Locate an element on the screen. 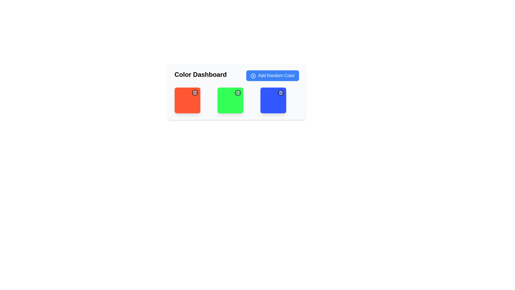 This screenshot has width=515, height=290. the delete icon button located at the top-right corner of the red color card is located at coordinates (194, 93).